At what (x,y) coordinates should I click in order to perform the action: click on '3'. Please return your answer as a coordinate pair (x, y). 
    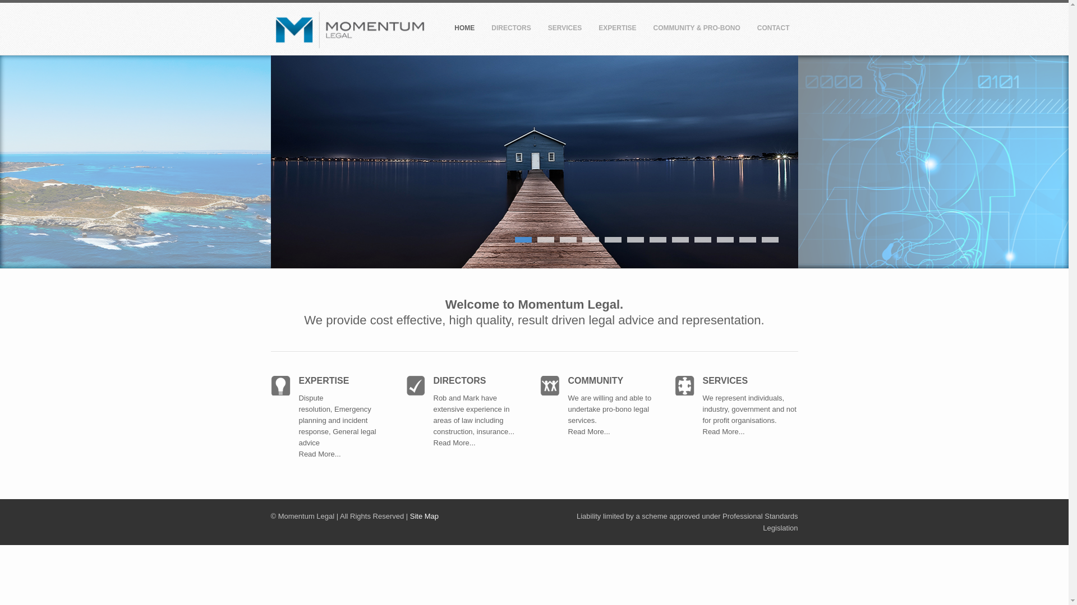
    Looking at the image, I should click on (568, 239).